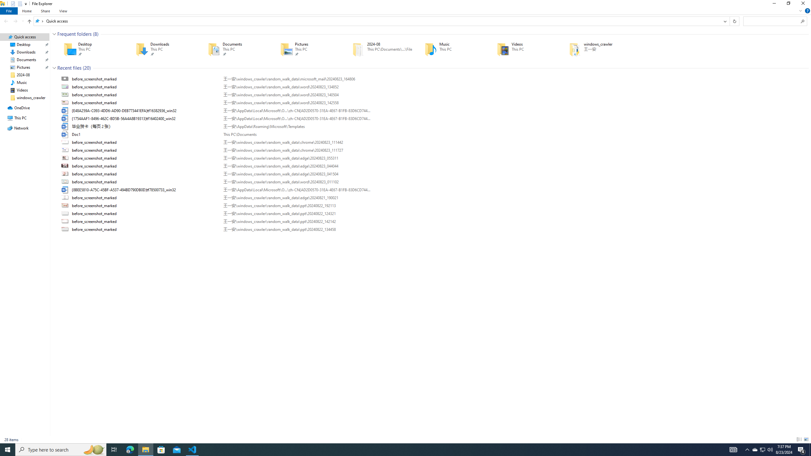 The width and height of the screenshot is (811, 456). I want to click on 'Desktop', so click(90, 49).